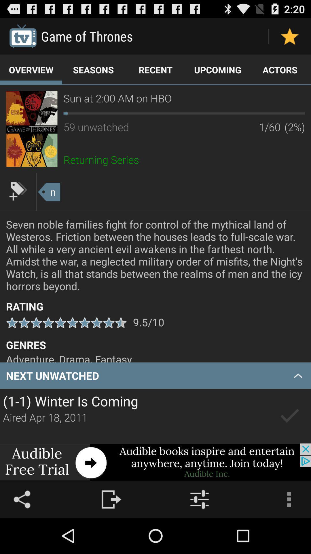 Image resolution: width=311 pixels, height=554 pixels. I want to click on advertisement bar, so click(155, 462).